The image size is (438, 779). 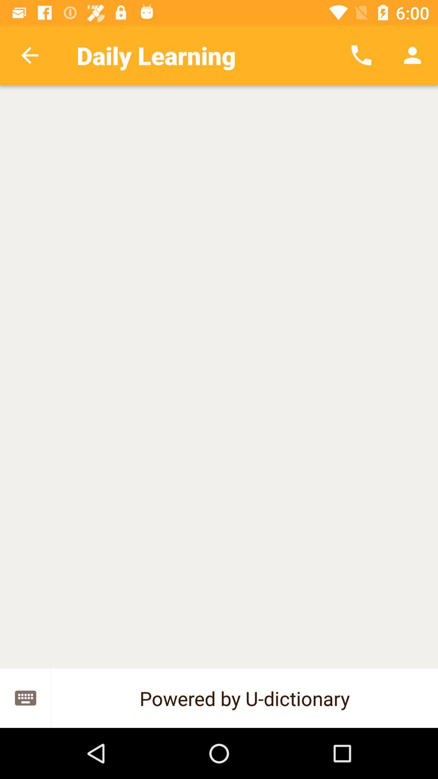 What do you see at coordinates (361, 55) in the screenshot?
I see `app to the right of daily learning icon` at bounding box center [361, 55].